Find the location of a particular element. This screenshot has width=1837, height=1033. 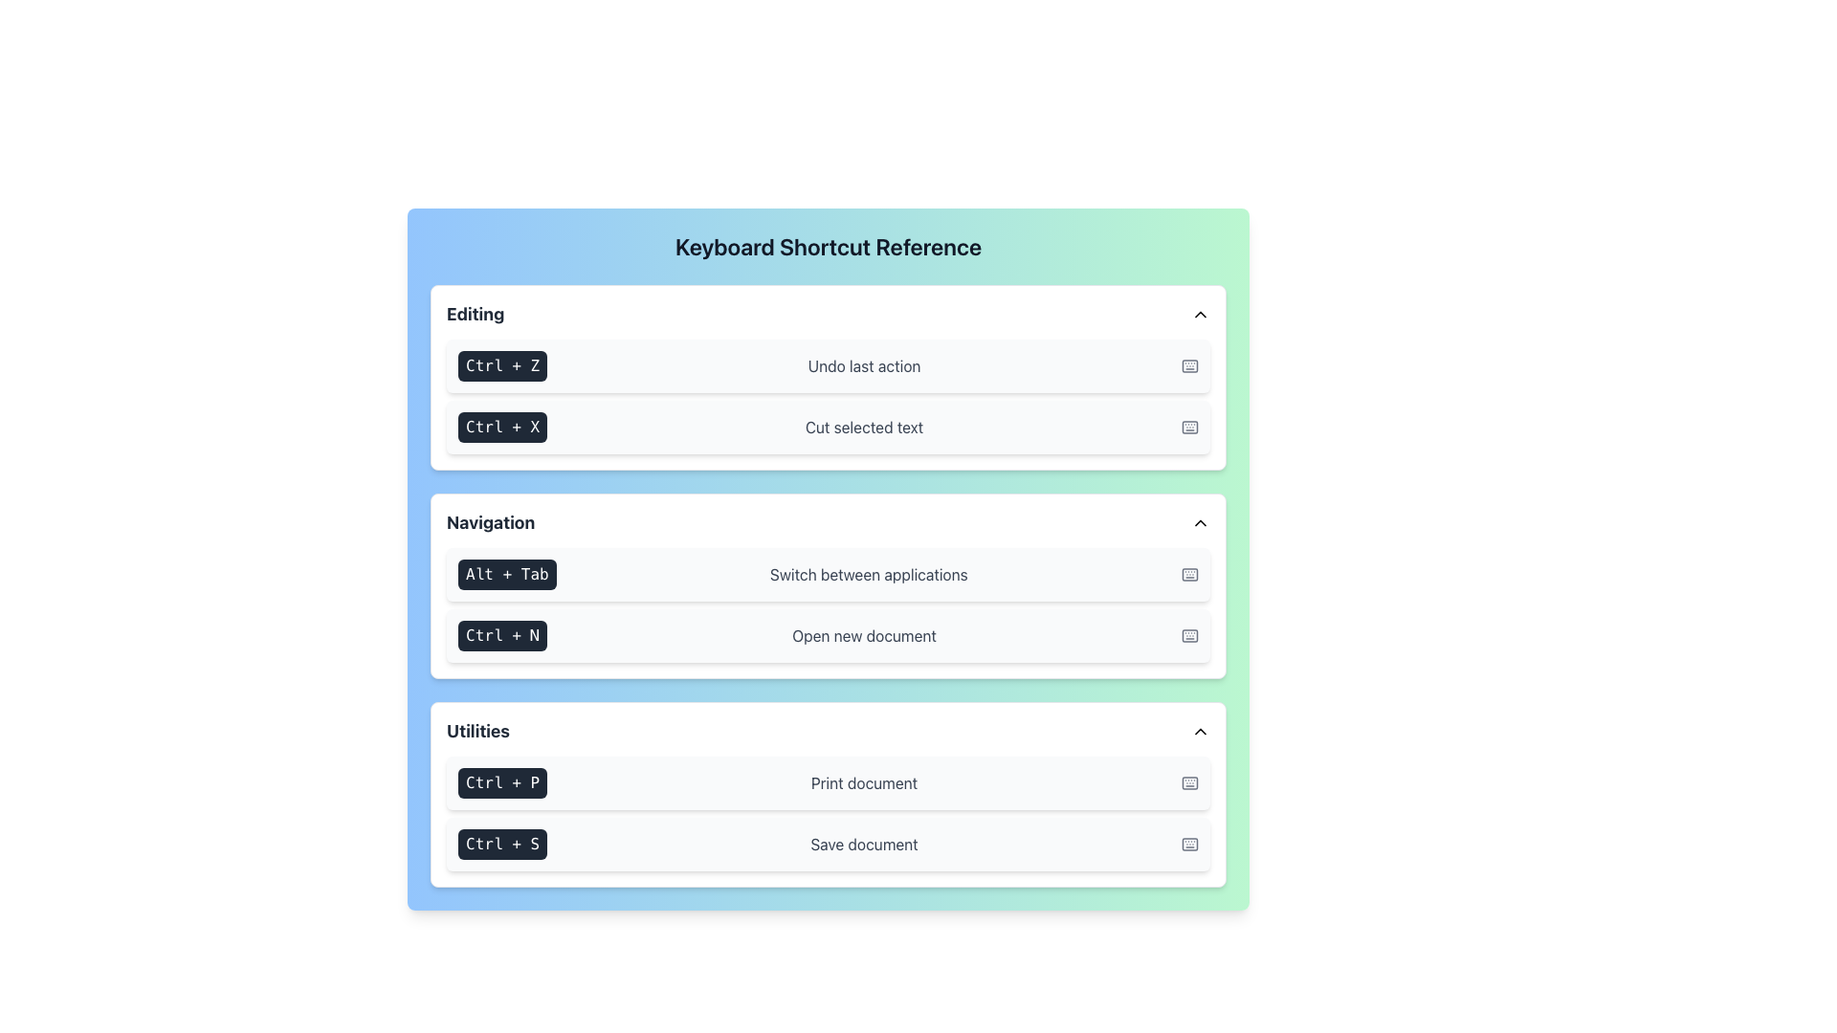

the second informational list item in the 'Editing' category that displays the shortcut 'Ctrl + X' and the text 'Cut selected text.' is located at coordinates (828, 427).